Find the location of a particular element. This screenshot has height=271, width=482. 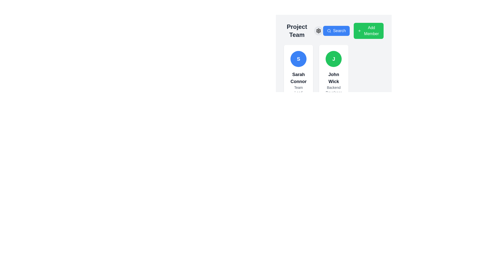

the blue 'Search' button with a white magnifying glass icon and white text to activate the hover effects is located at coordinates (336, 31).